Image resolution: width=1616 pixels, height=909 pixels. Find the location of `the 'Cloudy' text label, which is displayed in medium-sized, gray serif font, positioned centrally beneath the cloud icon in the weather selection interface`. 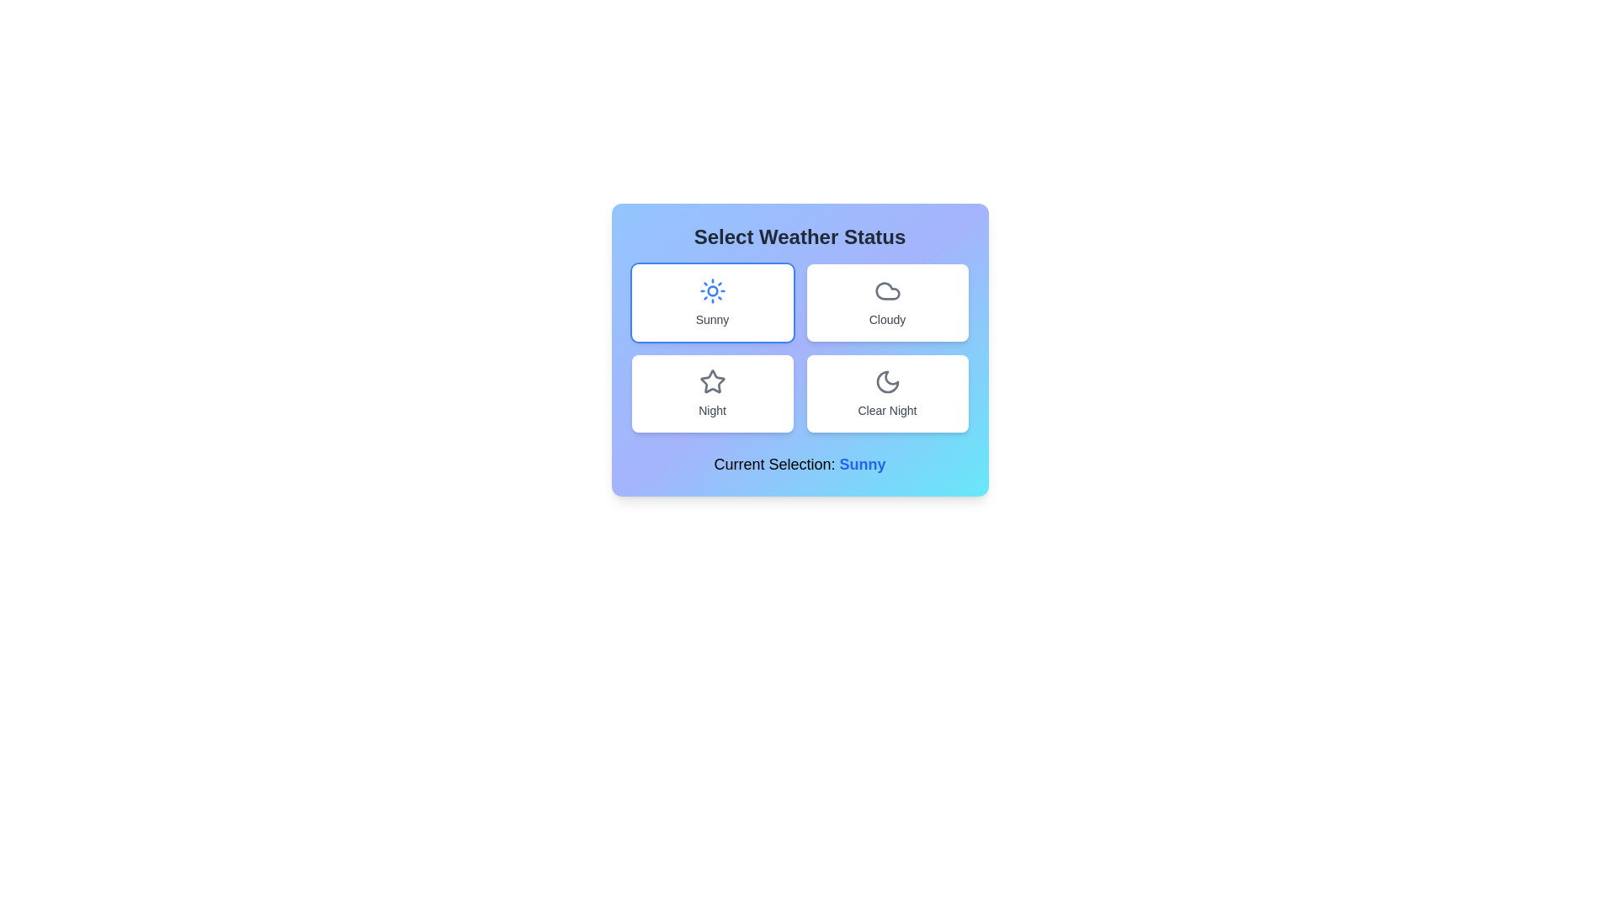

the 'Cloudy' text label, which is displayed in medium-sized, gray serif font, positioned centrally beneath the cloud icon in the weather selection interface is located at coordinates (886, 320).